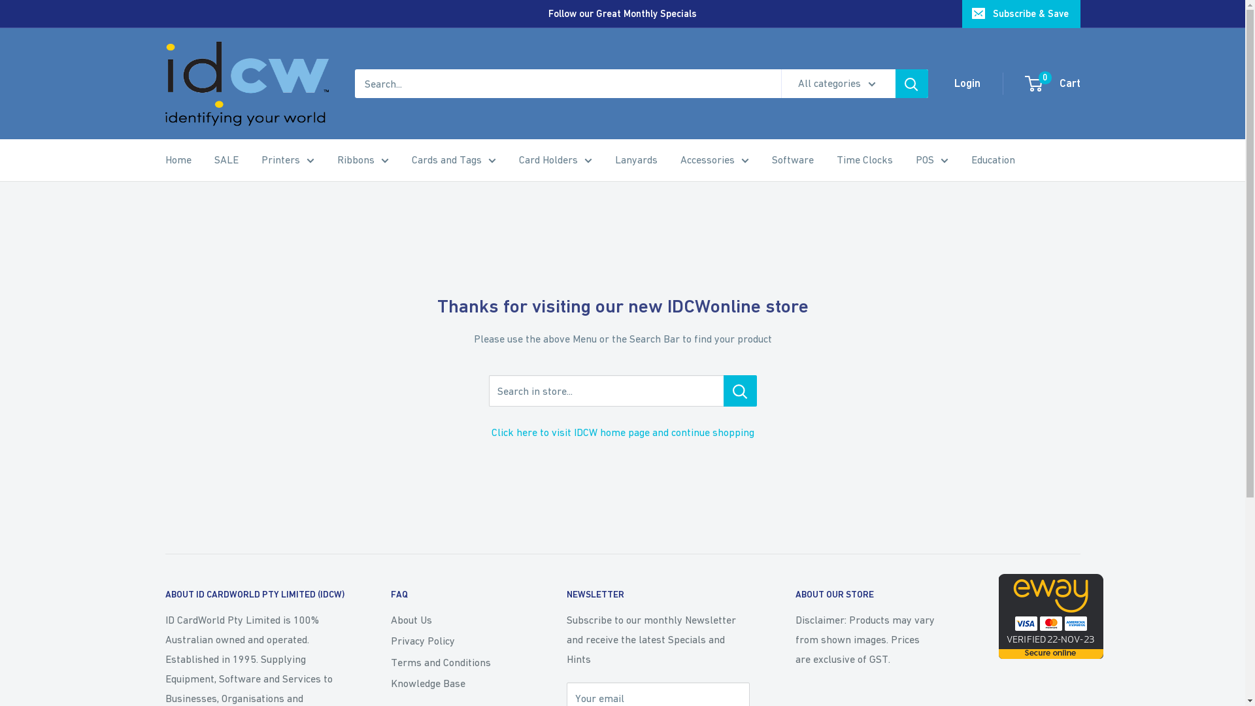 Image resolution: width=1255 pixels, height=706 pixels. I want to click on 'eWAY Payment Gateway', so click(1051, 582).